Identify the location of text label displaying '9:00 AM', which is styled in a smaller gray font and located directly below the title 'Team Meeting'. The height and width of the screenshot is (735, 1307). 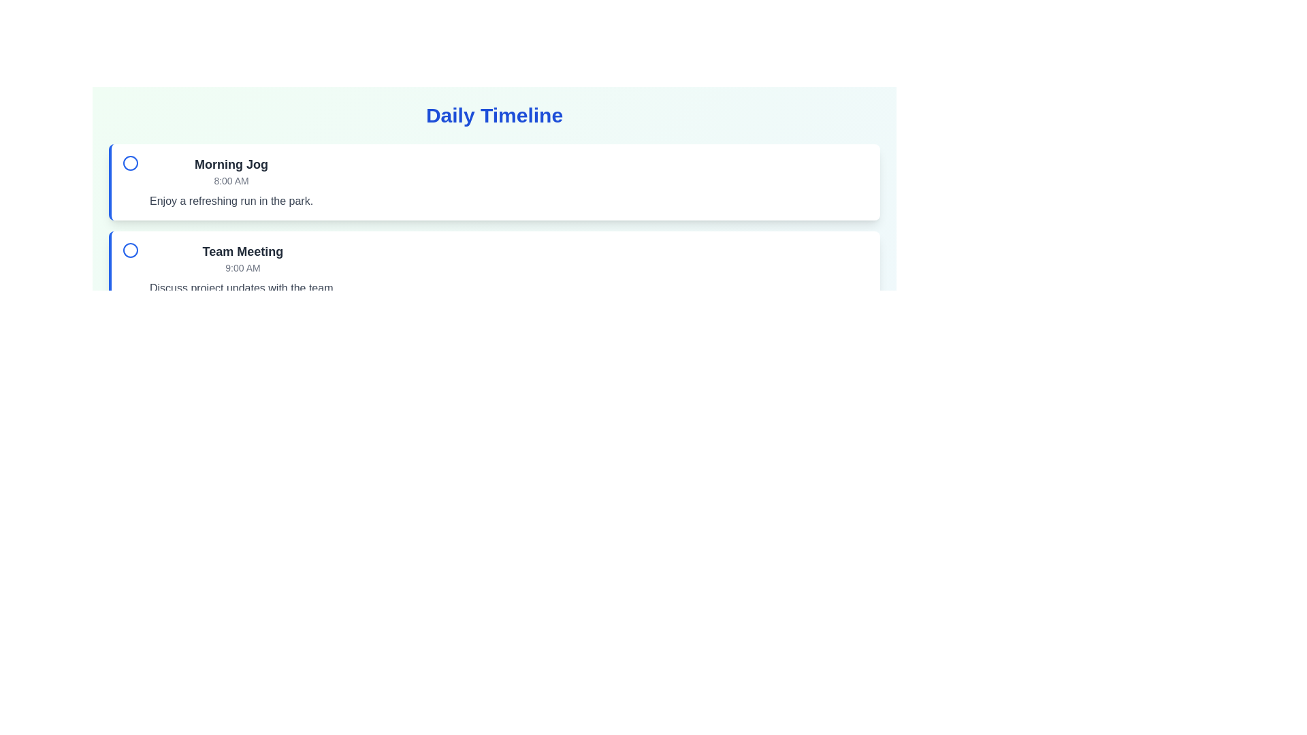
(242, 267).